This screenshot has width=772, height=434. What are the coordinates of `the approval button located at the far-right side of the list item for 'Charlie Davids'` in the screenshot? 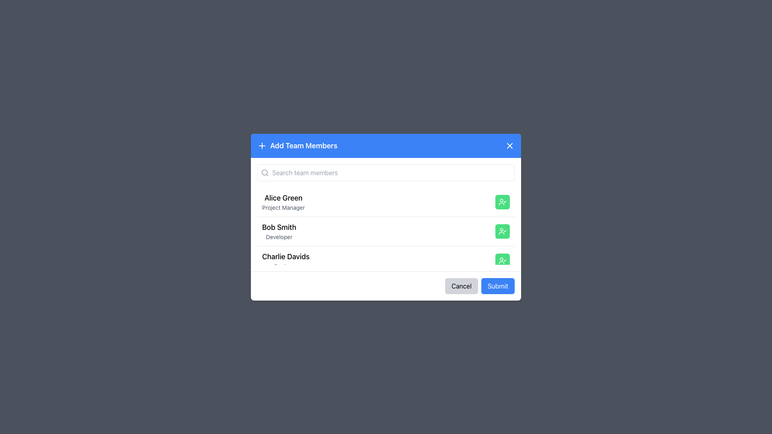 It's located at (502, 260).